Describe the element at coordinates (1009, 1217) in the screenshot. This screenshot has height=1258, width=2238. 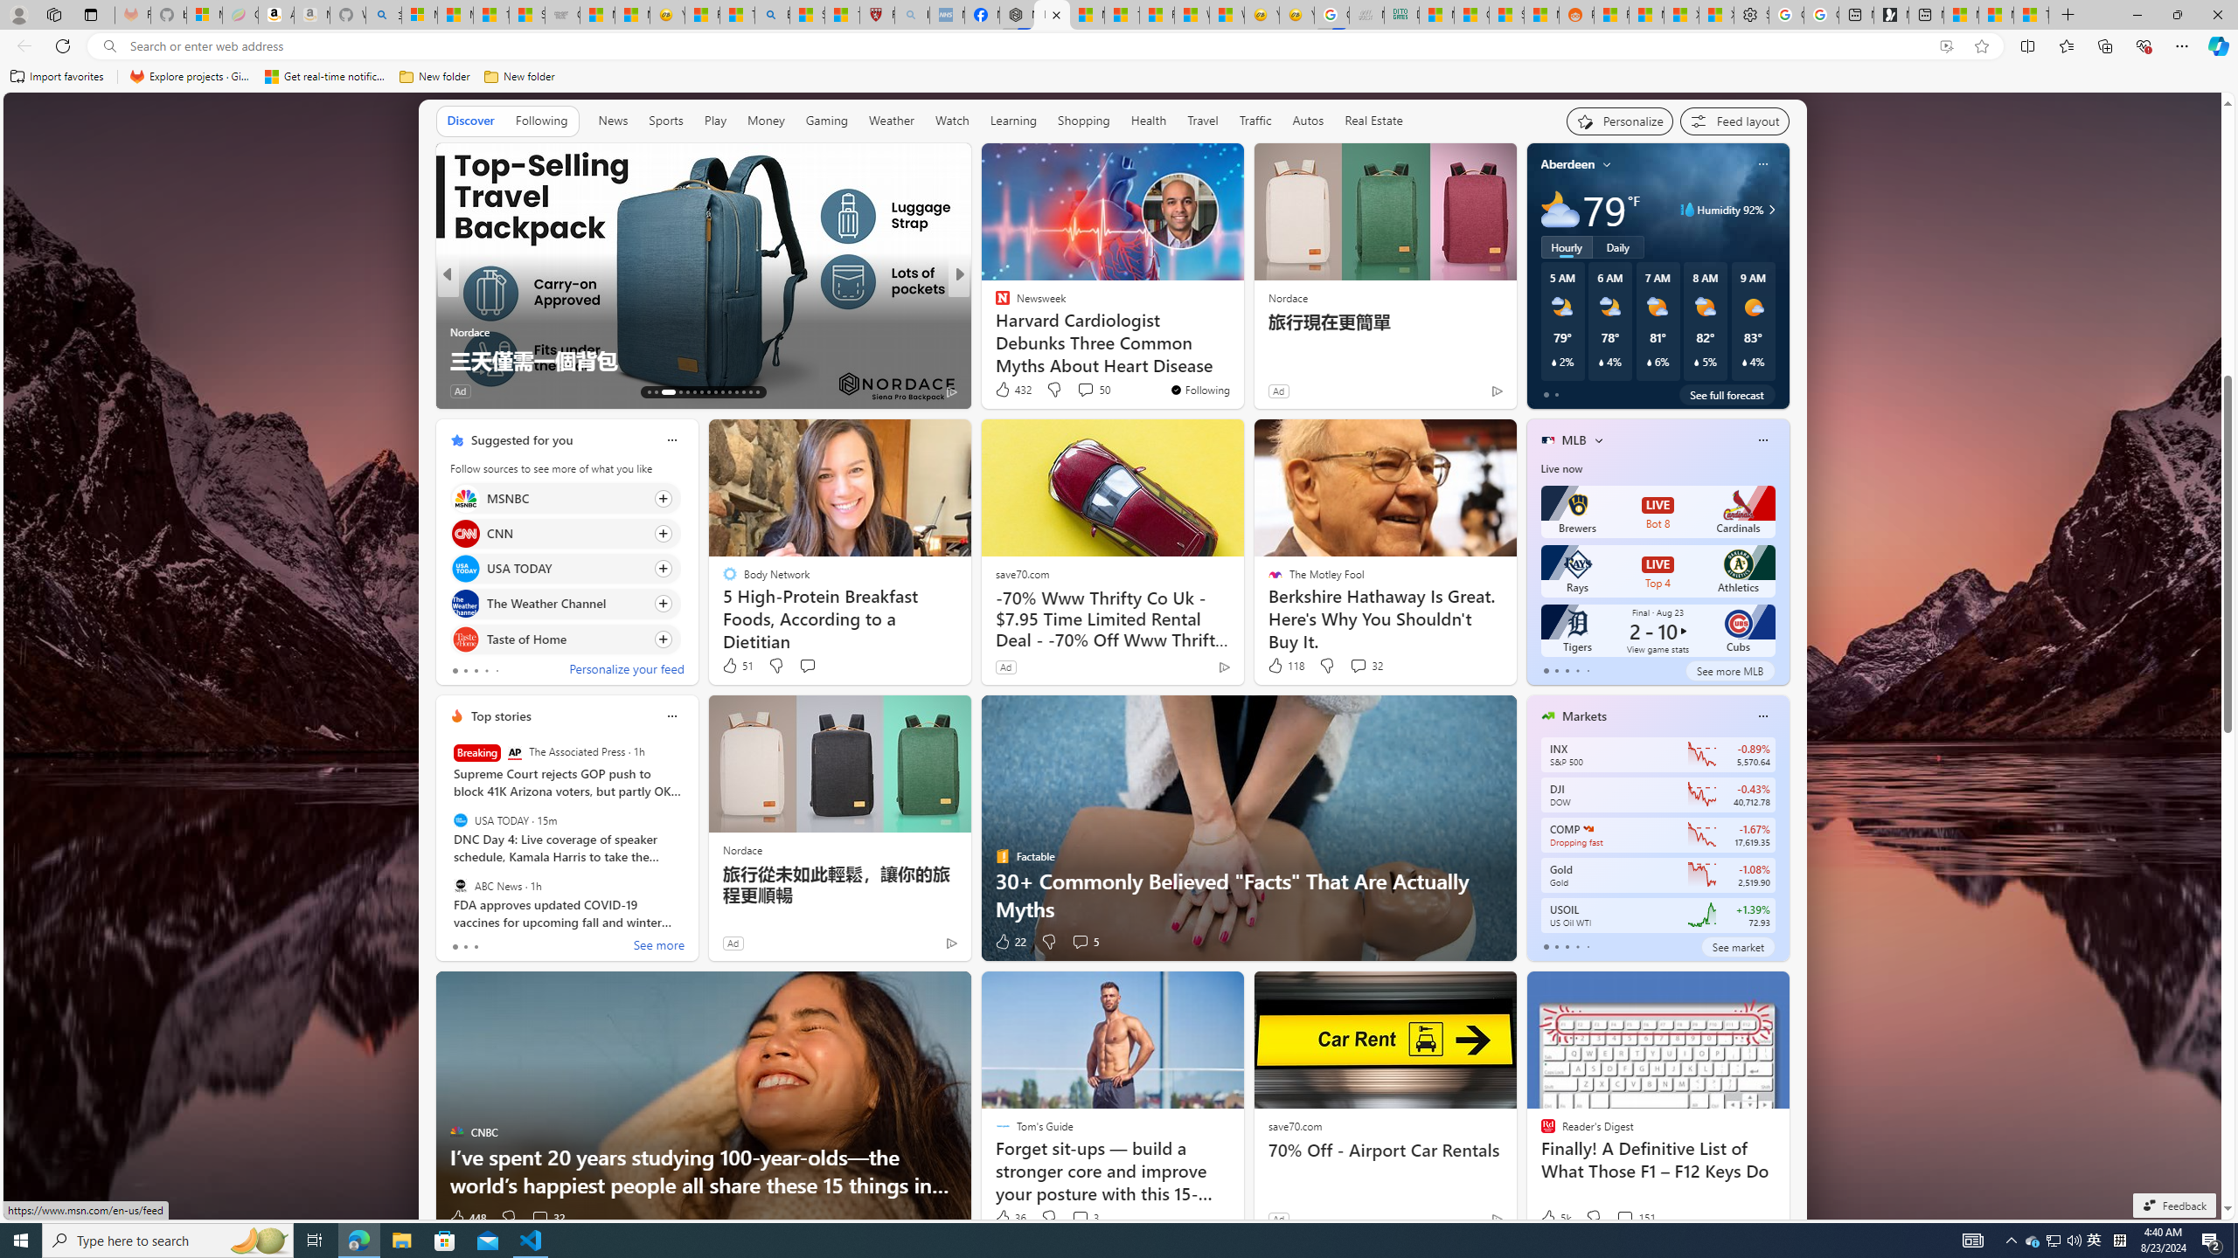
I see `'36 Like'` at that location.